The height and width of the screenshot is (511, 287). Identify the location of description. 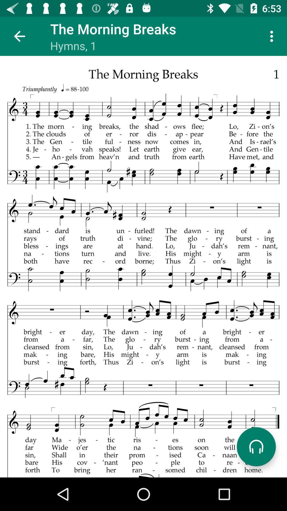
(143, 267).